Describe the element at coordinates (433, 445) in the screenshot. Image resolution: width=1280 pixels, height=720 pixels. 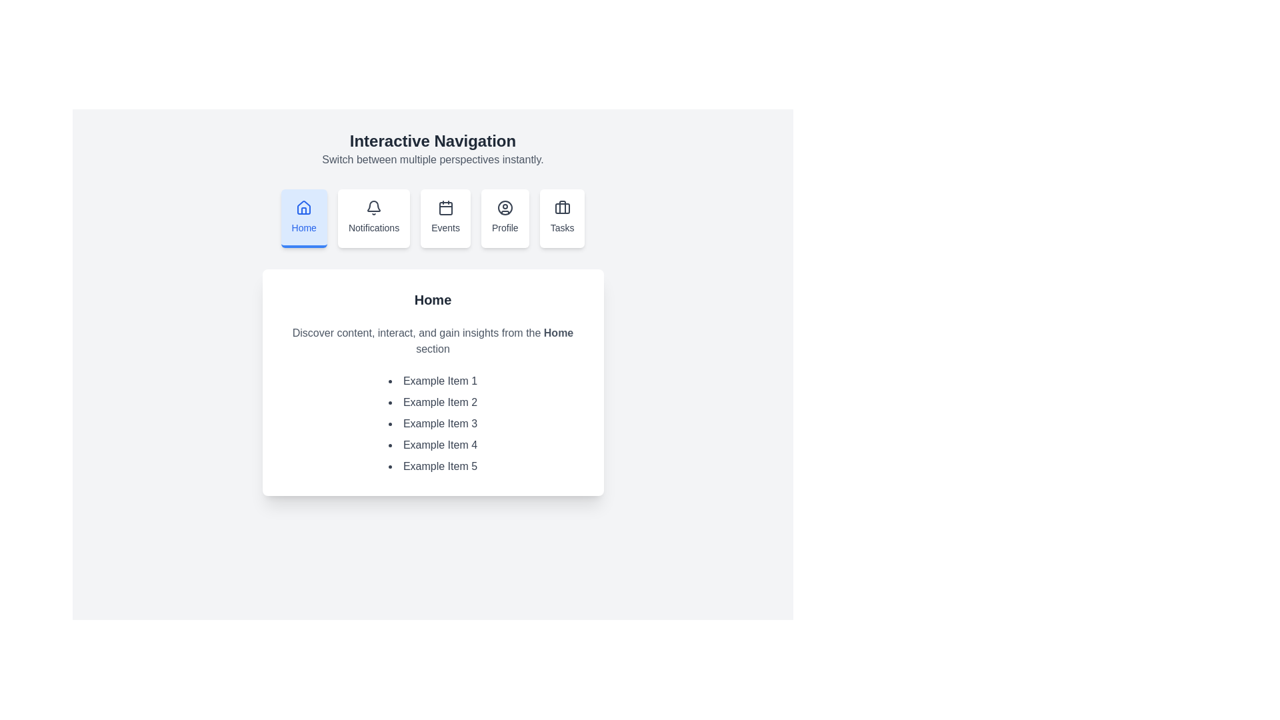
I see `the text label styled in gray with the text 'Example Item 4', which is the fourth item in a vertical list under the title 'Home'` at that location.